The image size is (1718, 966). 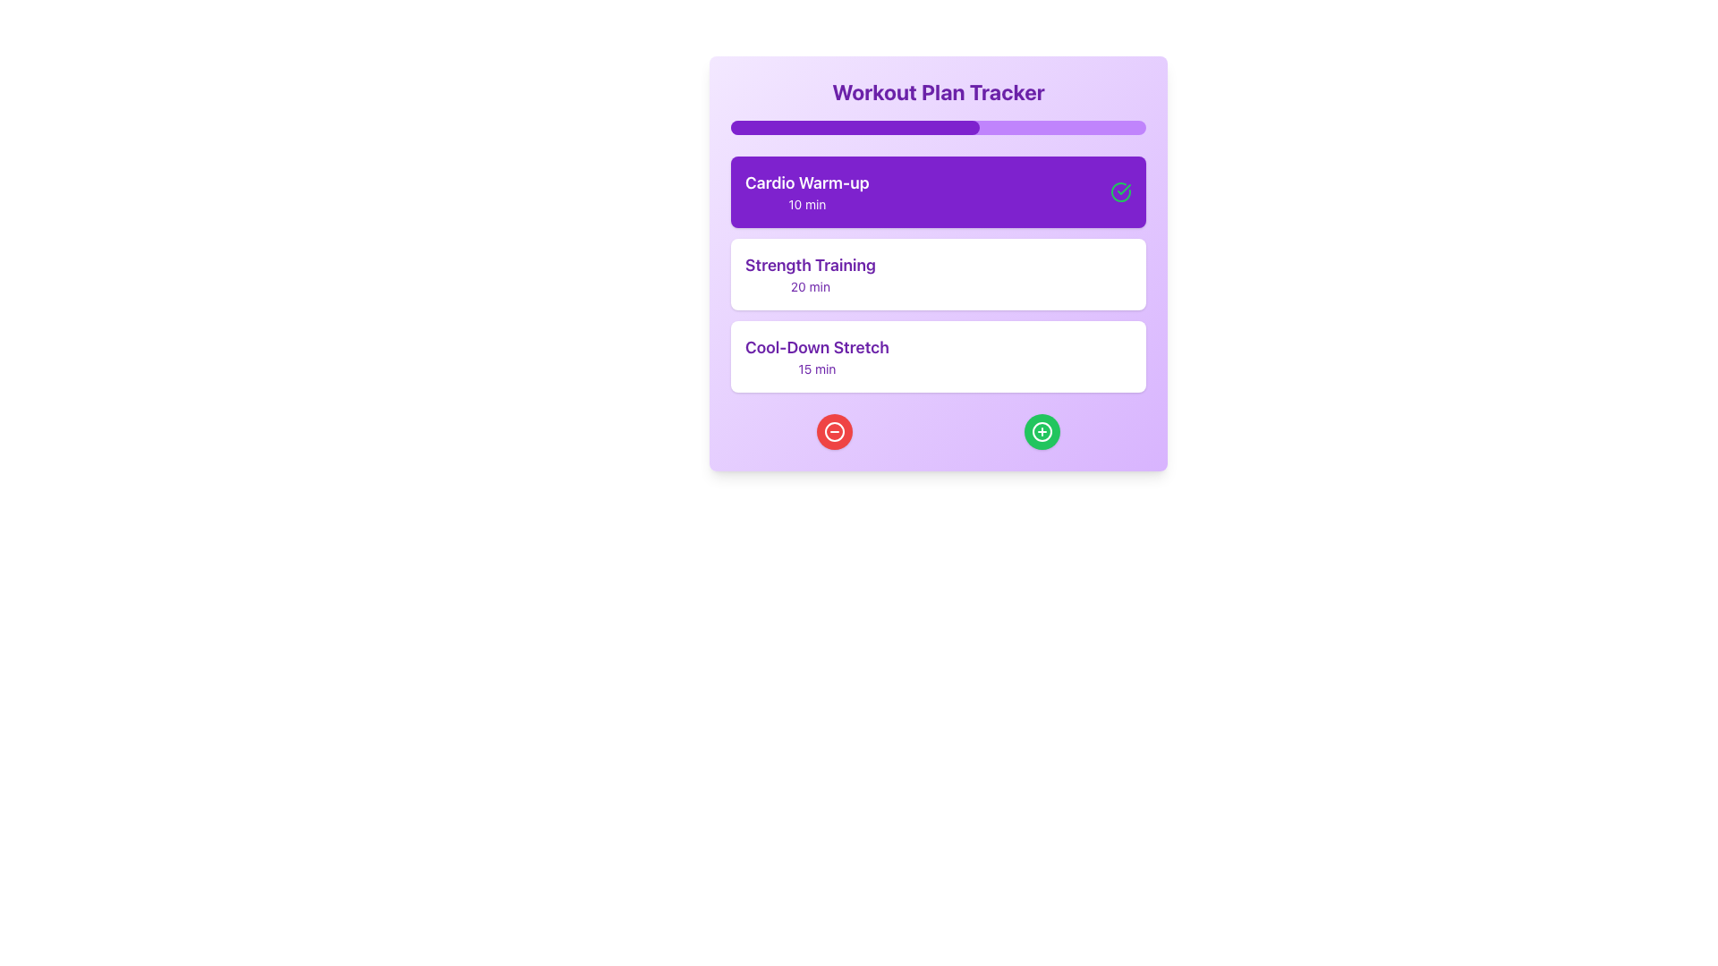 What do you see at coordinates (938, 126) in the screenshot?
I see `the progress bar located in the 'Workout Plan Tracker' card, which visually represents the completion percentage of the workout plan` at bounding box center [938, 126].